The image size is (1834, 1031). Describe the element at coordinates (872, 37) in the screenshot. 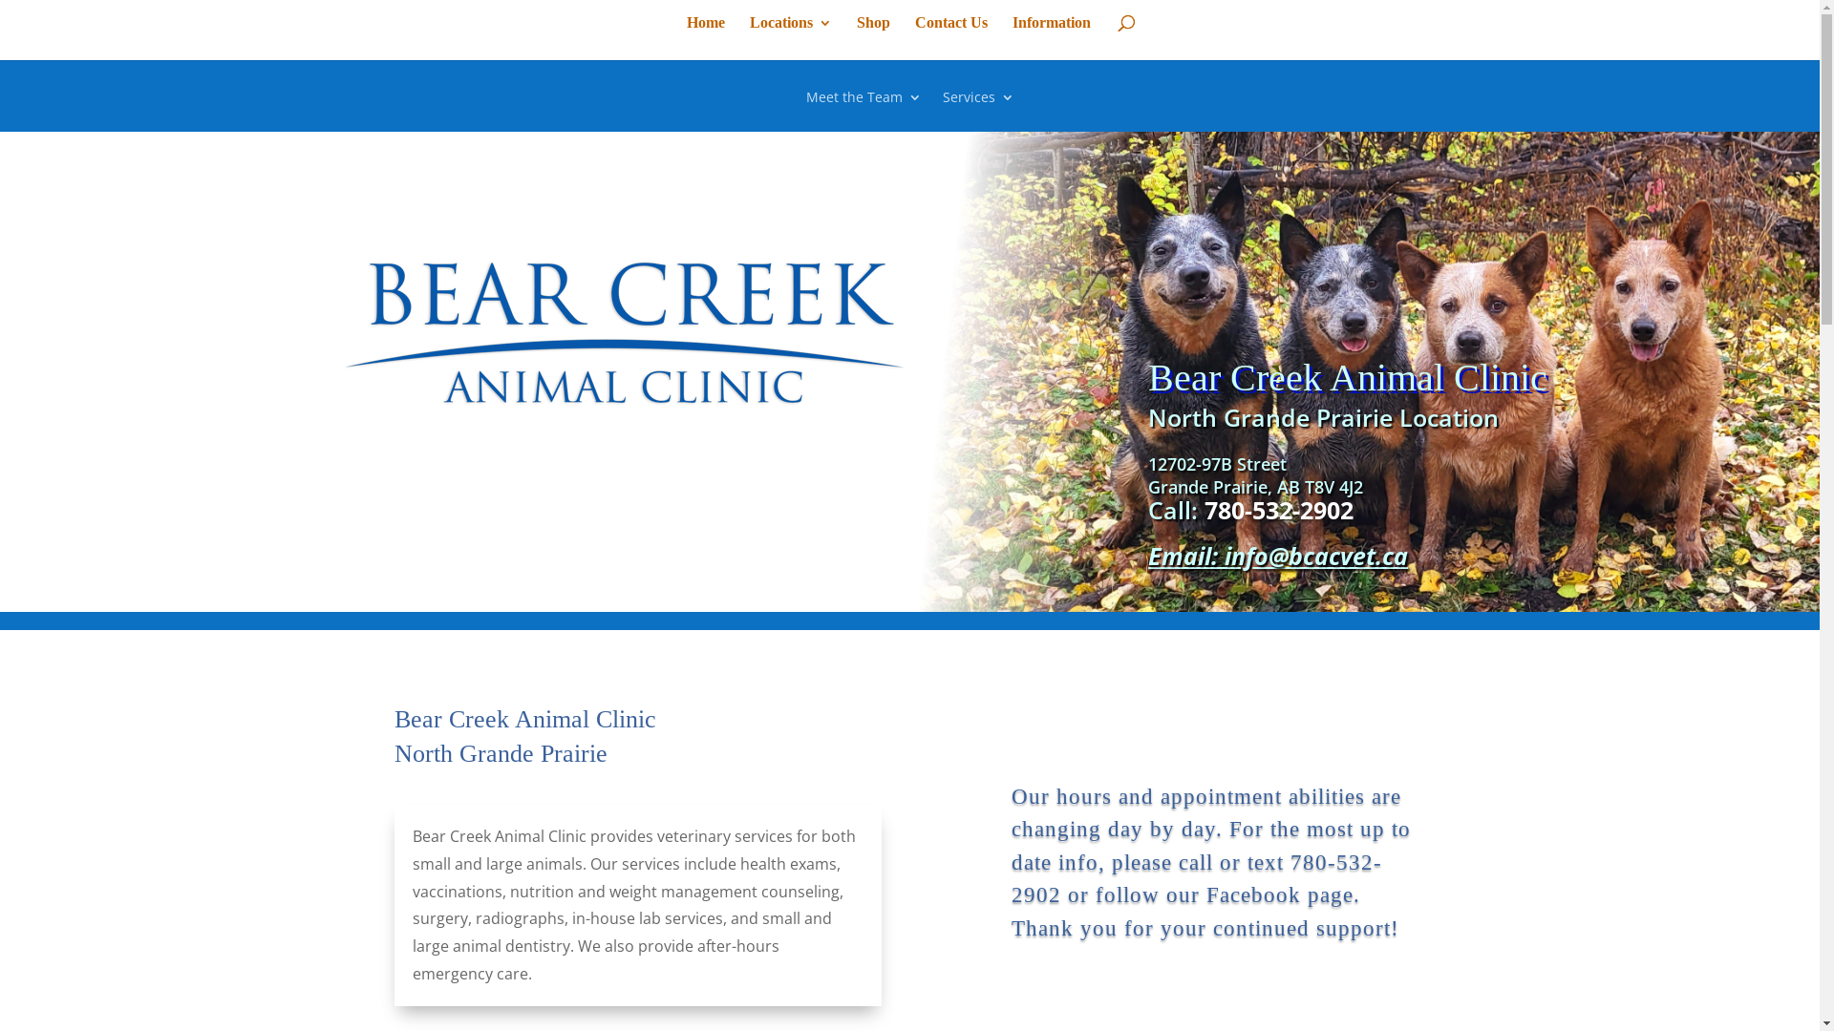

I see `'Shop'` at that location.